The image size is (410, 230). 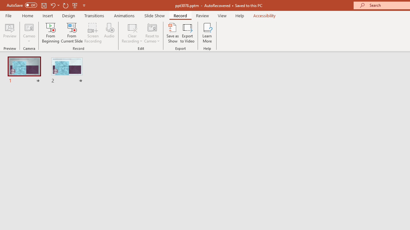 I want to click on 'Audio', so click(x=109, y=33).